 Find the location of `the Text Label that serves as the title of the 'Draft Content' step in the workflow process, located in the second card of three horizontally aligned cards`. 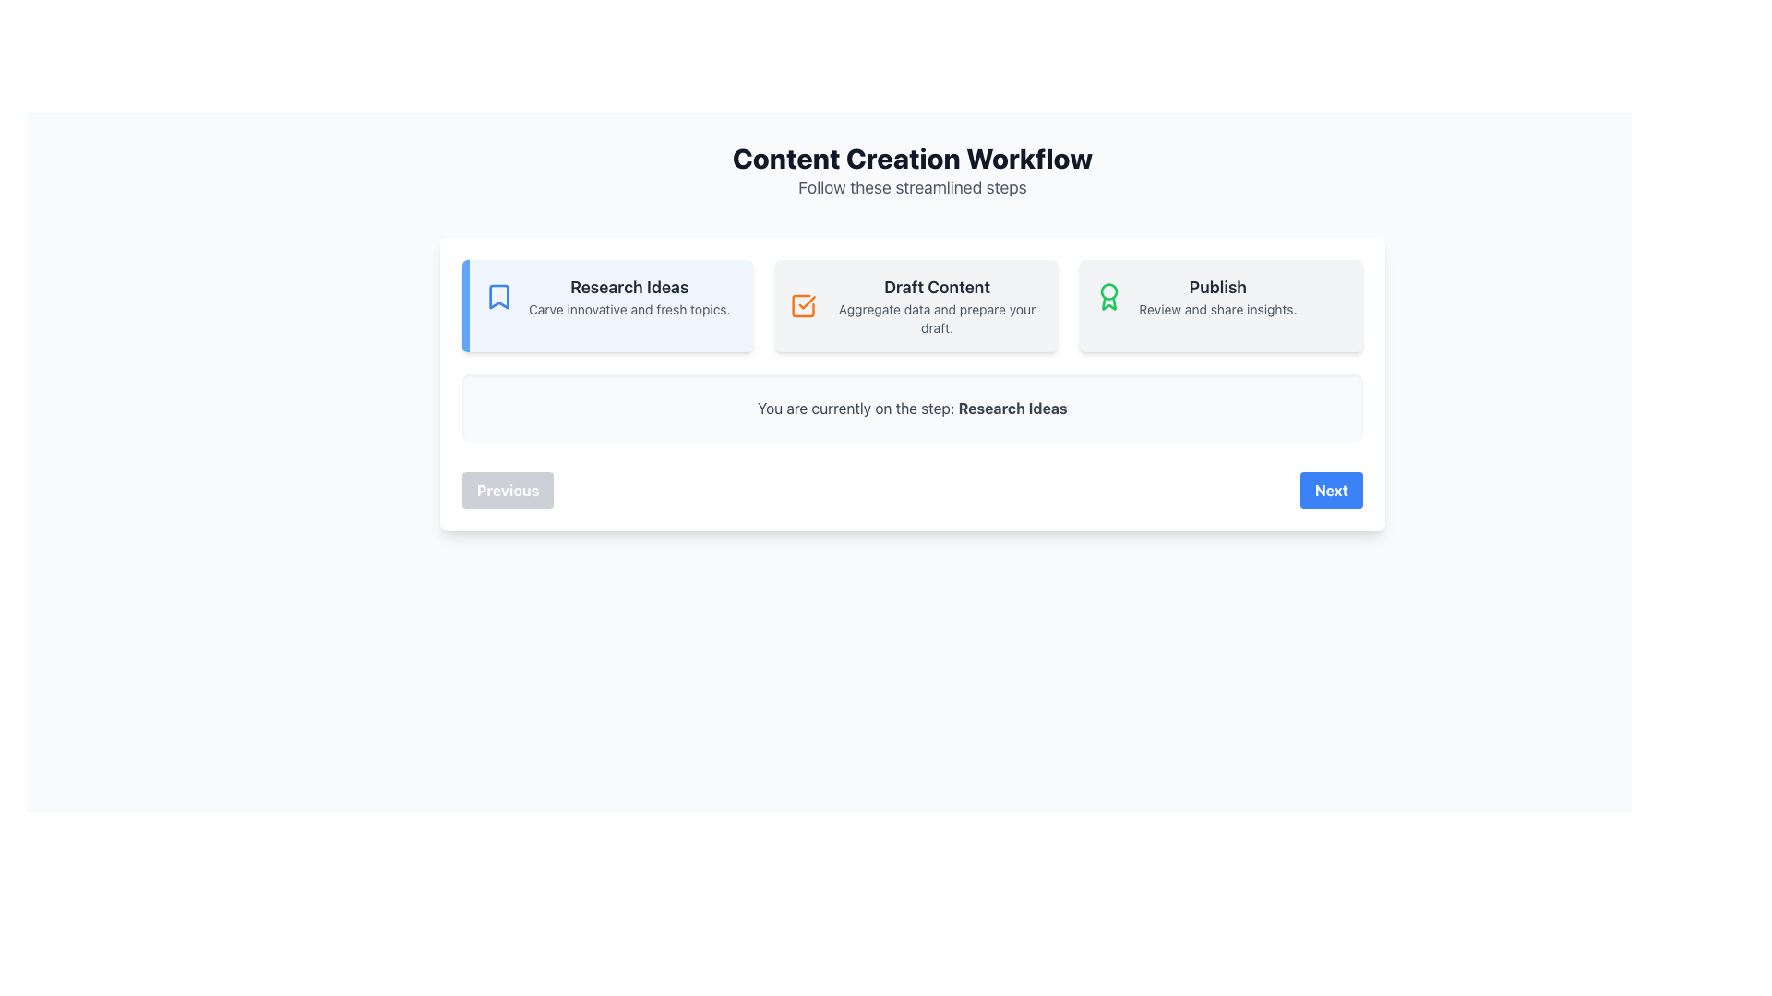

the Text Label that serves as the title of the 'Draft Content' step in the workflow process, located in the second card of three horizontally aligned cards is located at coordinates (937, 288).